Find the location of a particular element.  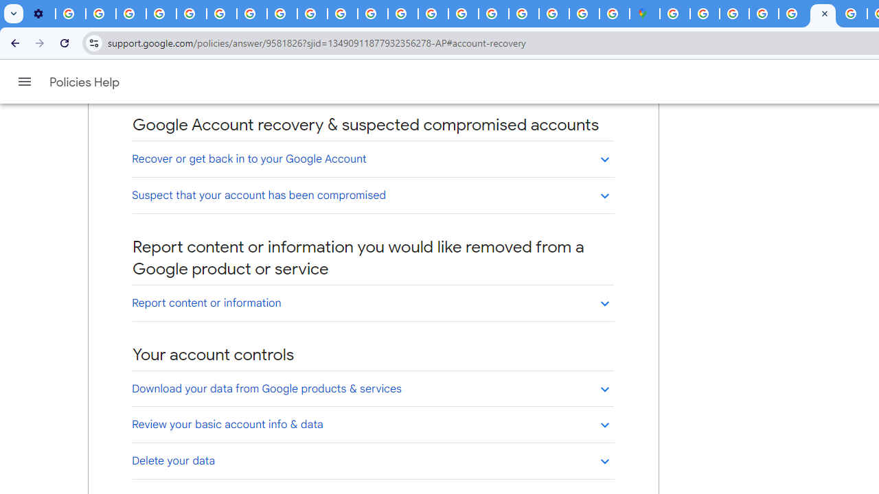

'Main menu' is located at coordinates (24, 82).